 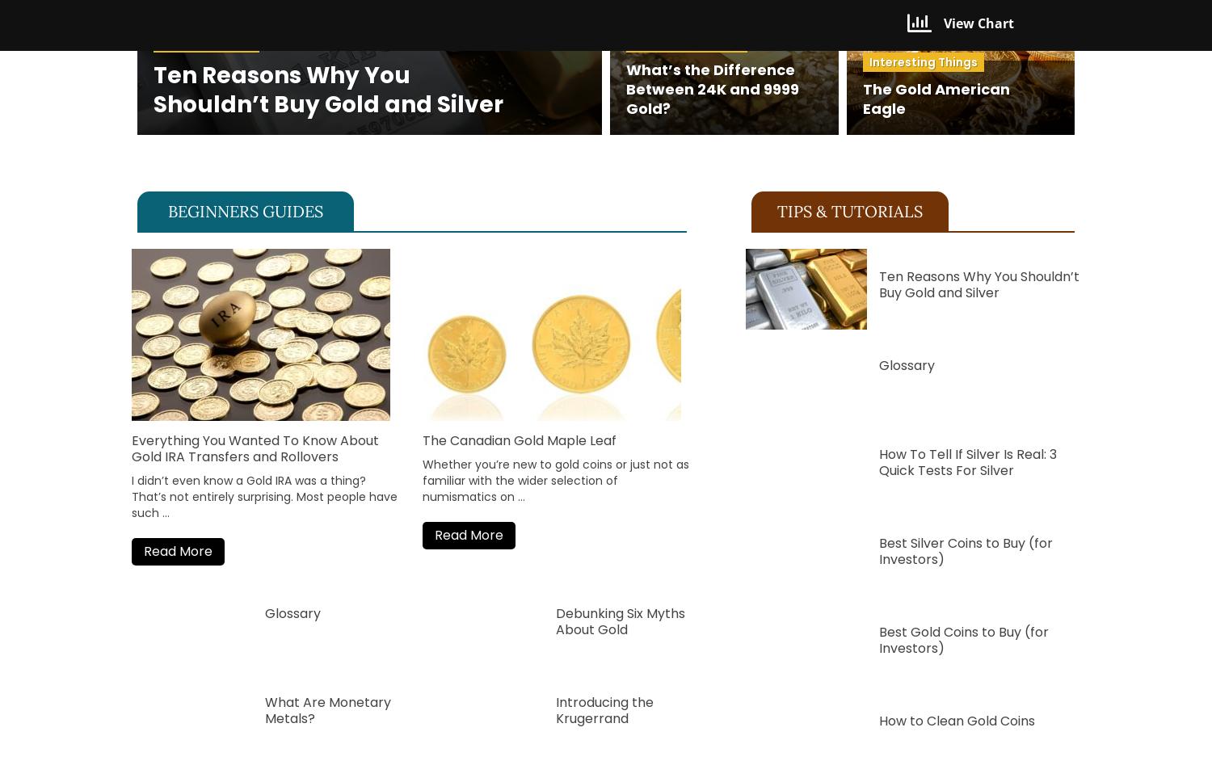 What do you see at coordinates (422, 496) in the screenshot?
I see `'numismatics'` at bounding box center [422, 496].